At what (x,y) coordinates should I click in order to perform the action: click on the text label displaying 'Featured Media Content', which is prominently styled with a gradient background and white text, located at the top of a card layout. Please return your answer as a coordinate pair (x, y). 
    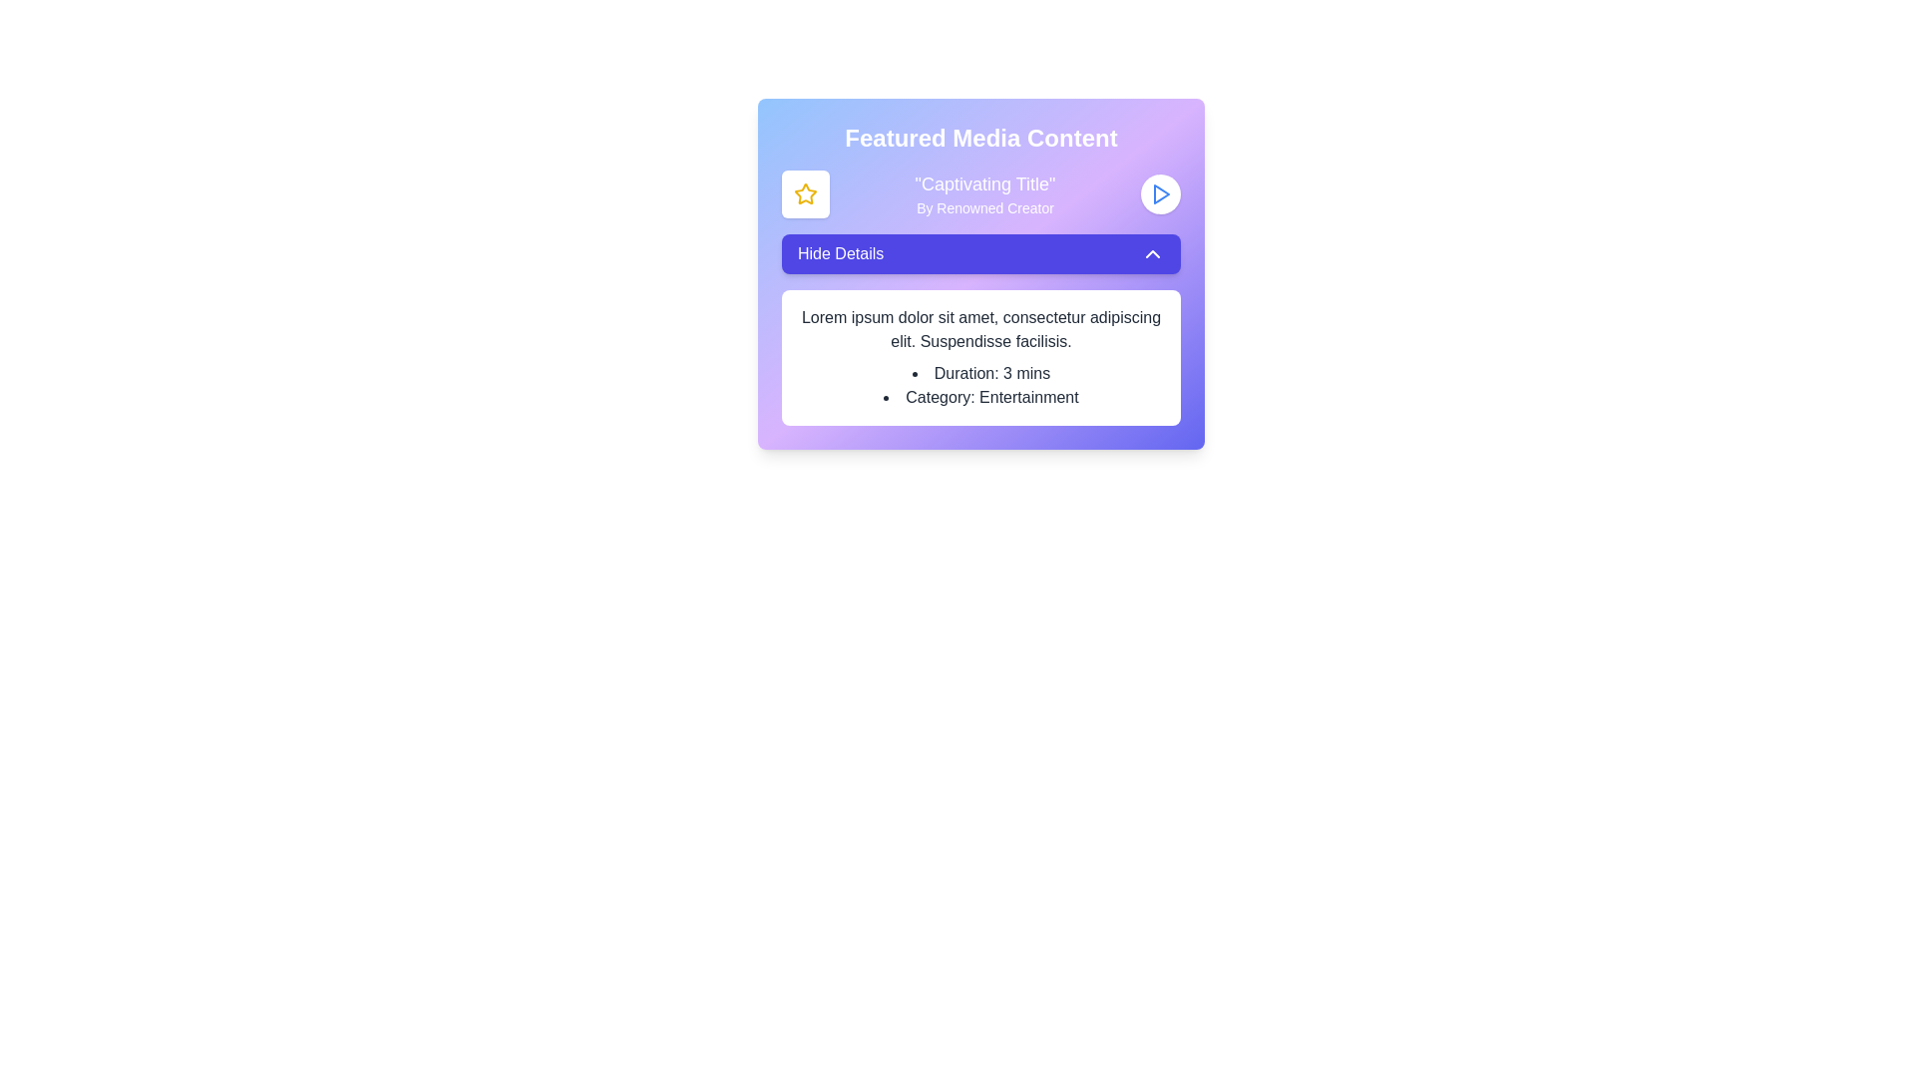
    Looking at the image, I should click on (980, 137).